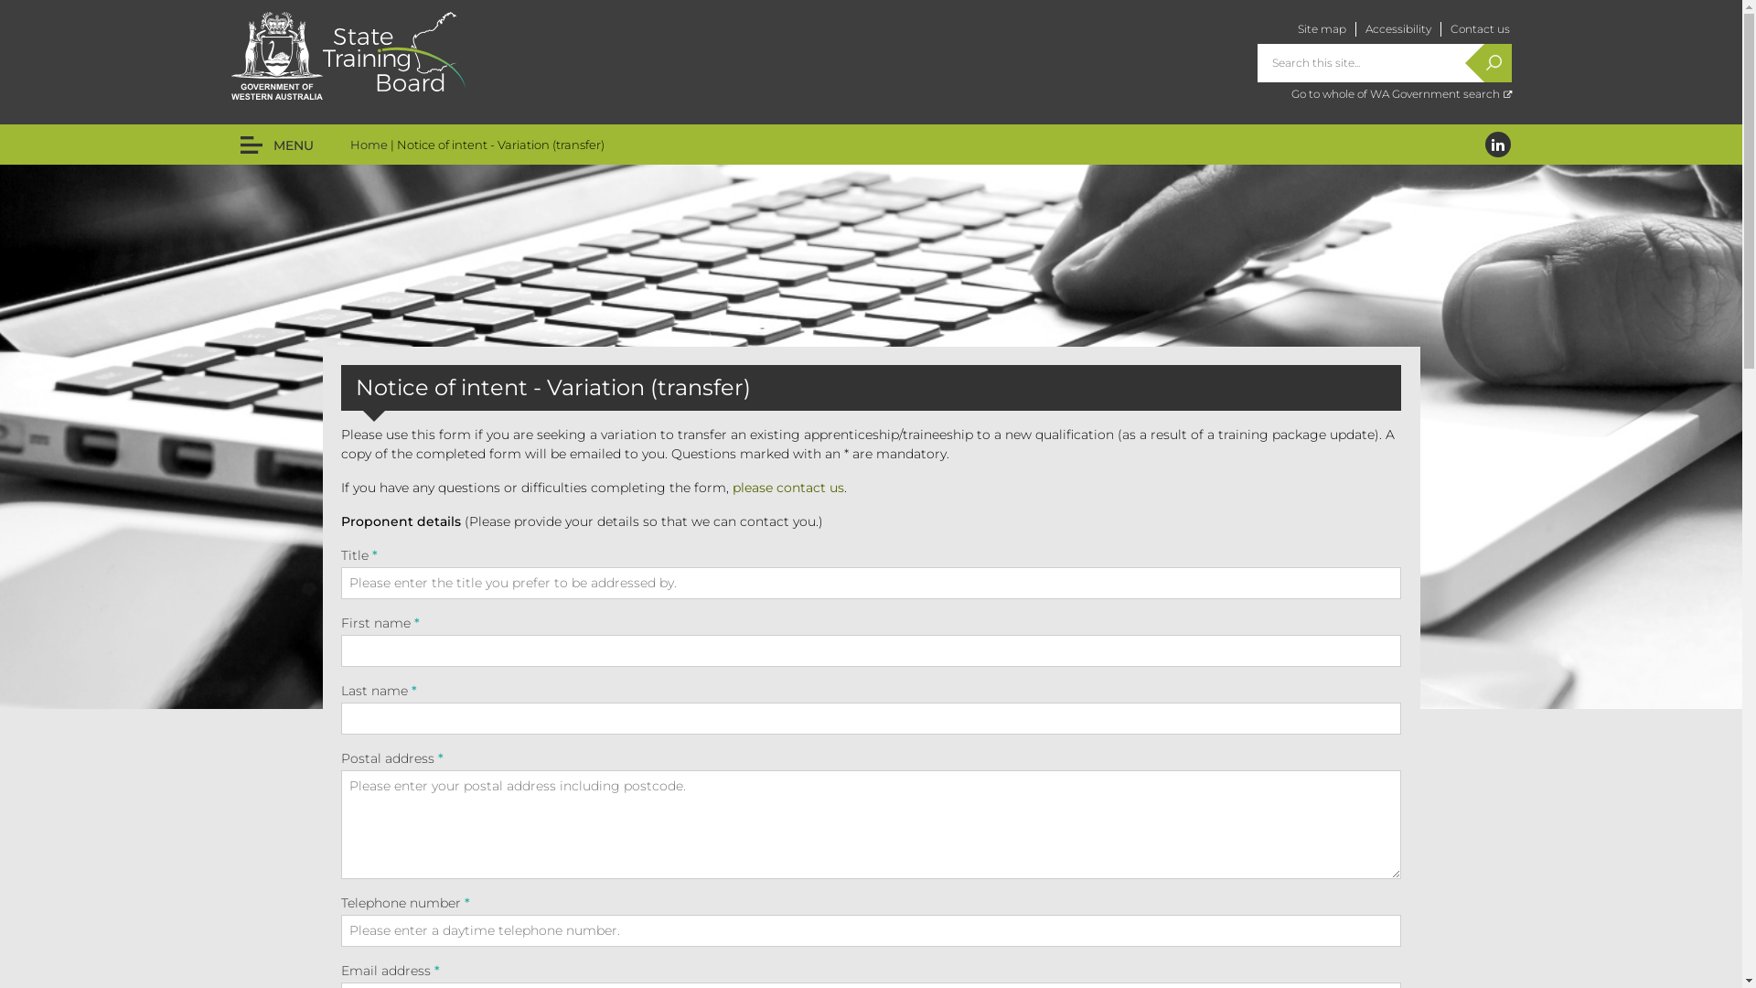  I want to click on 'Site map', so click(1321, 28).